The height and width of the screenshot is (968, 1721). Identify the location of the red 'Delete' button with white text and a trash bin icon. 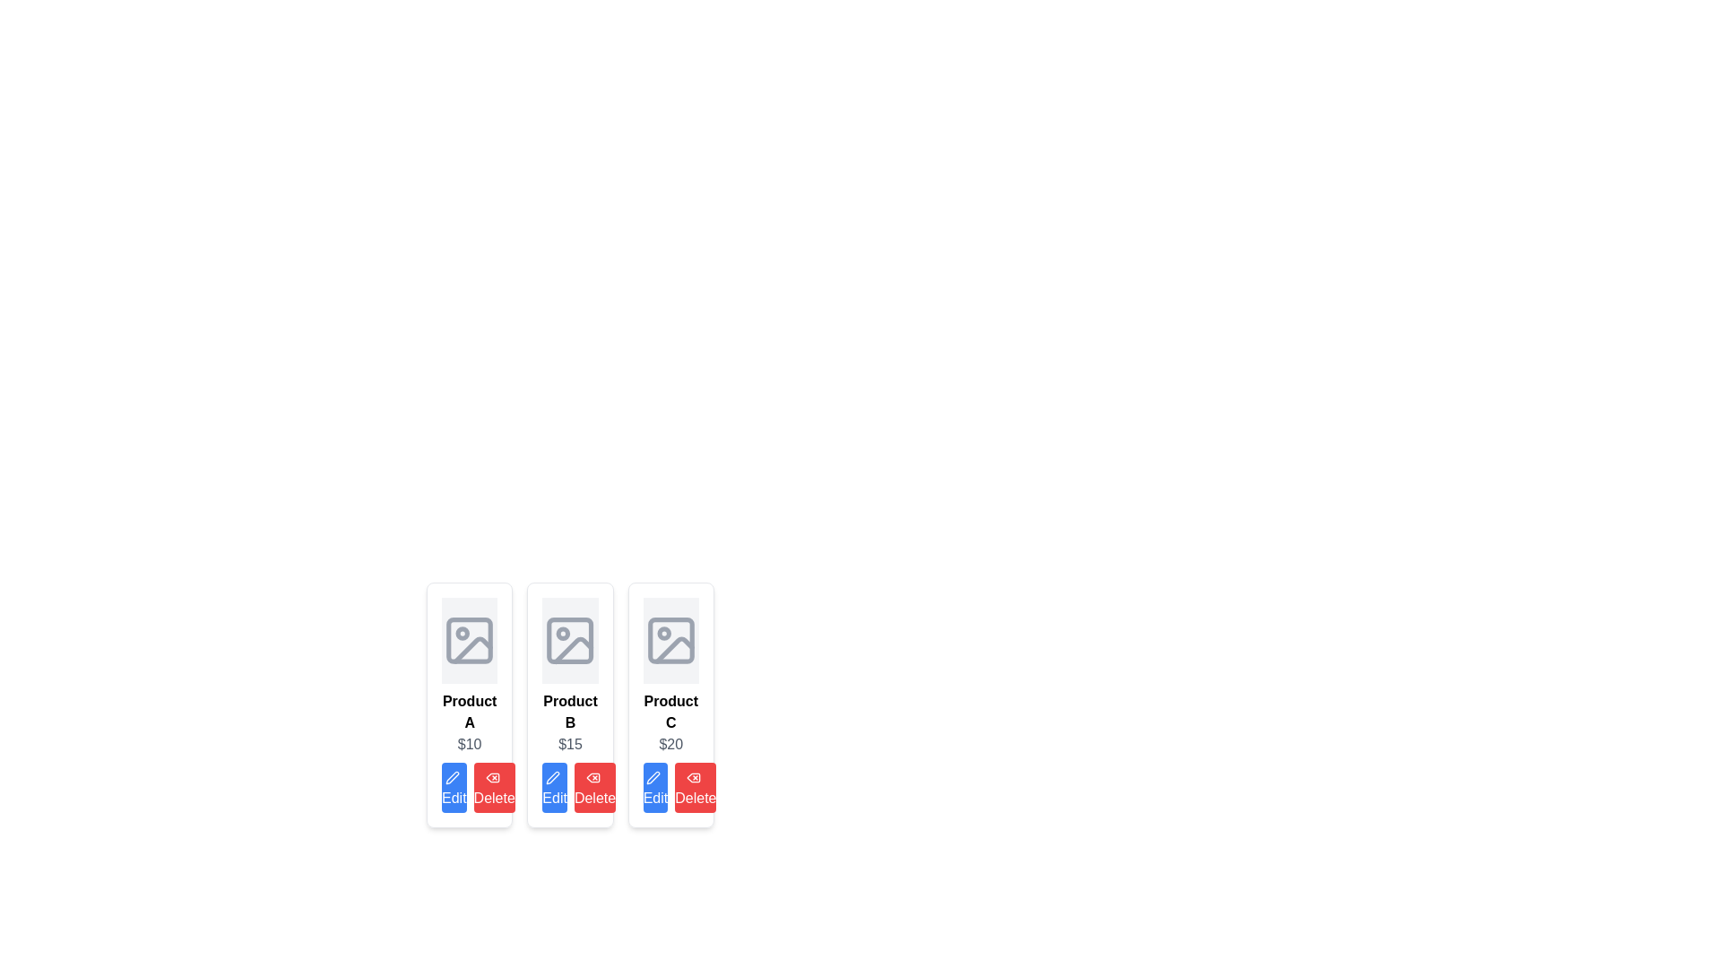
(494, 787).